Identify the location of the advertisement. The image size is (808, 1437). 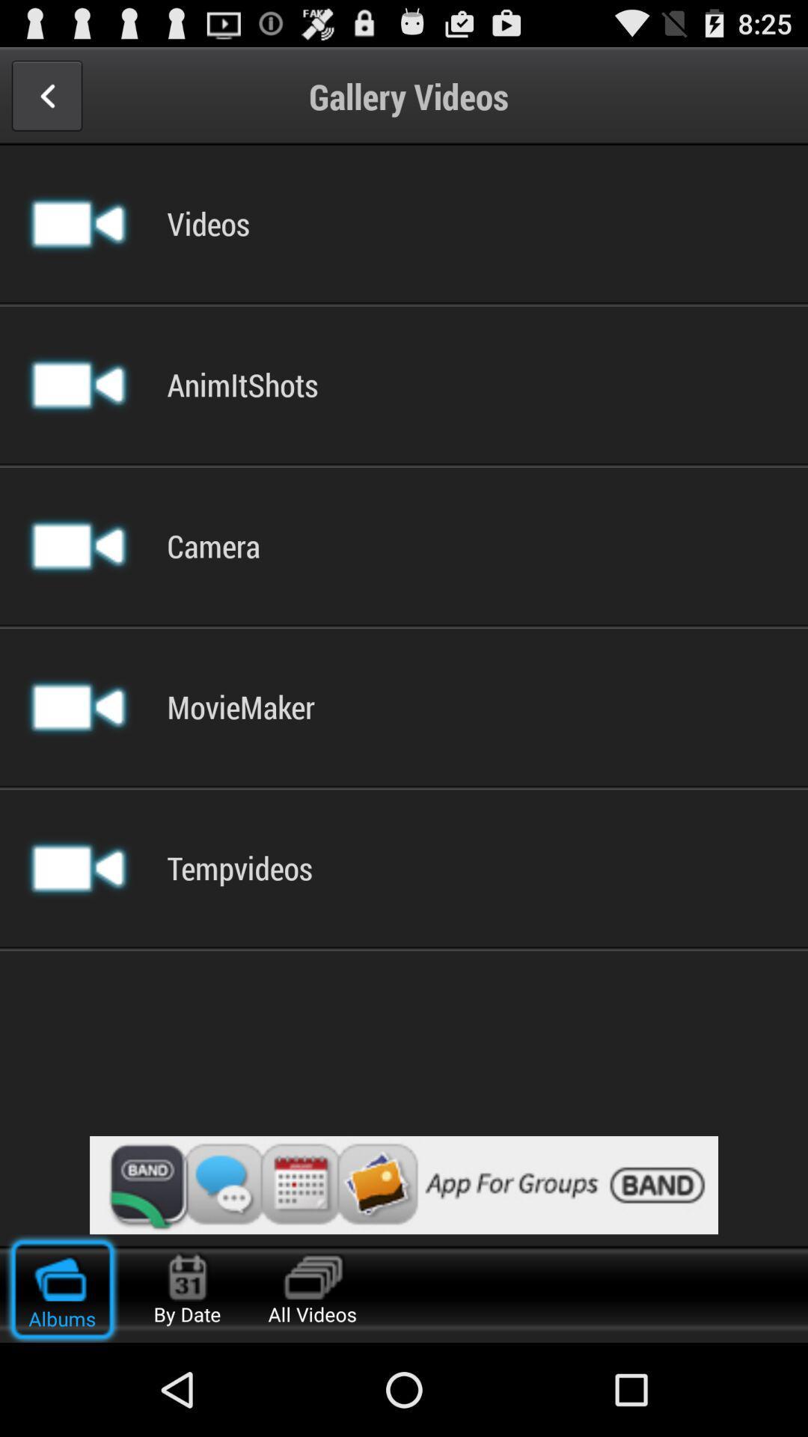
(404, 1184).